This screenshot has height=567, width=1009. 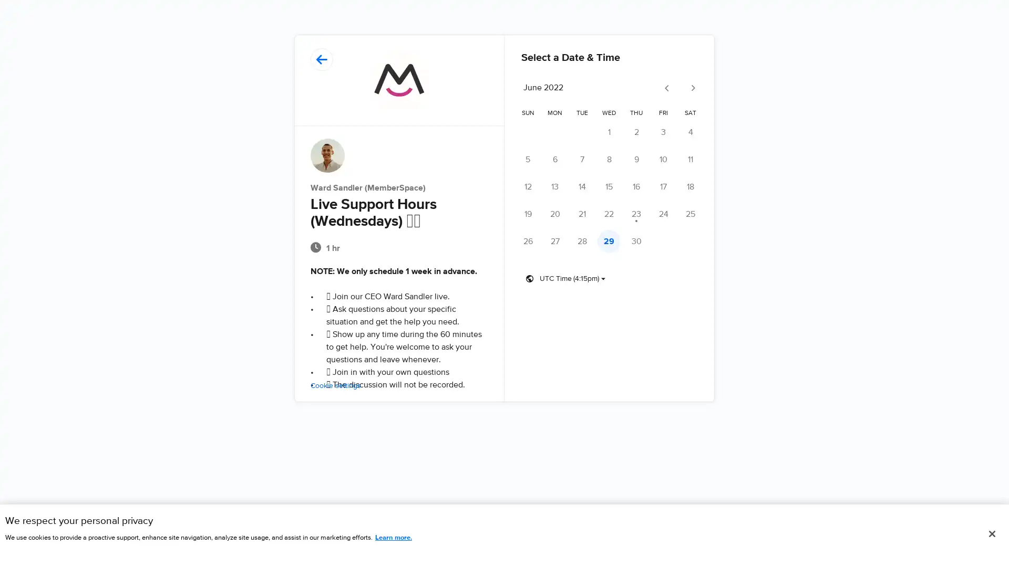 What do you see at coordinates (666, 88) in the screenshot?
I see `Go to previous month` at bounding box center [666, 88].